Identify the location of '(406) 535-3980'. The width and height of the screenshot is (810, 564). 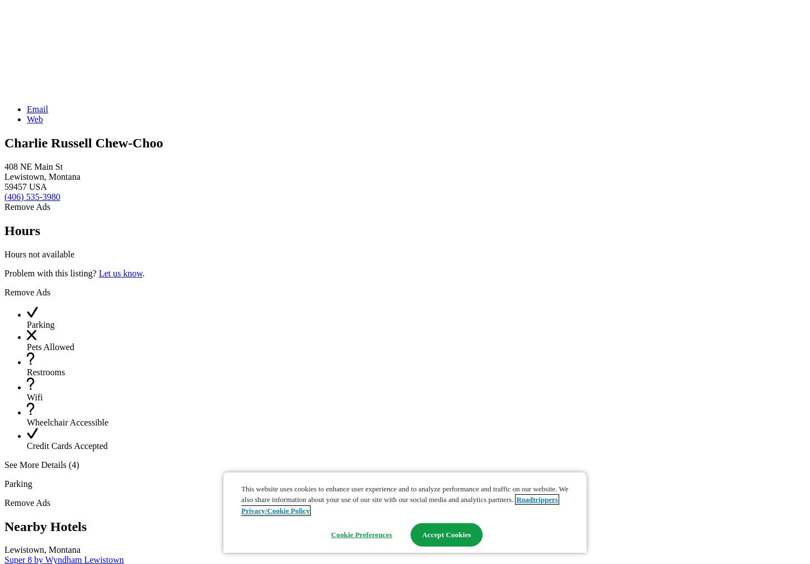
(32, 196).